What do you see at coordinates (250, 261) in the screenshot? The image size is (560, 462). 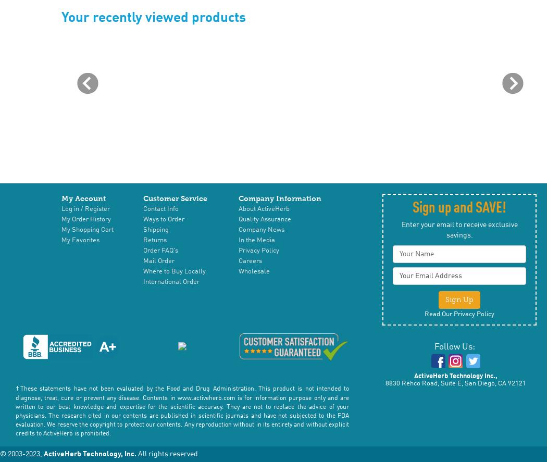 I see `'Careers'` at bounding box center [250, 261].